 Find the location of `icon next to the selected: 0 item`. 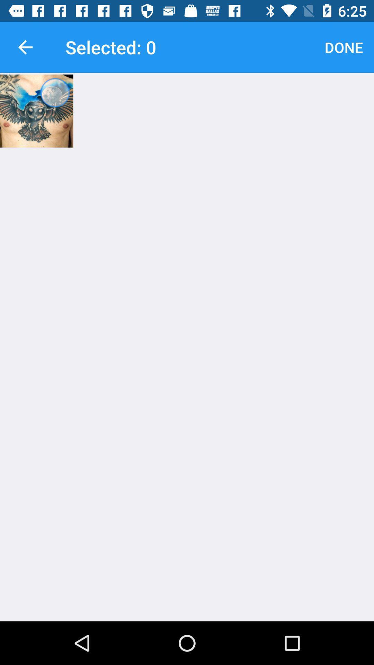

icon next to the selected: 0 item is located at coordinates (25, 47).